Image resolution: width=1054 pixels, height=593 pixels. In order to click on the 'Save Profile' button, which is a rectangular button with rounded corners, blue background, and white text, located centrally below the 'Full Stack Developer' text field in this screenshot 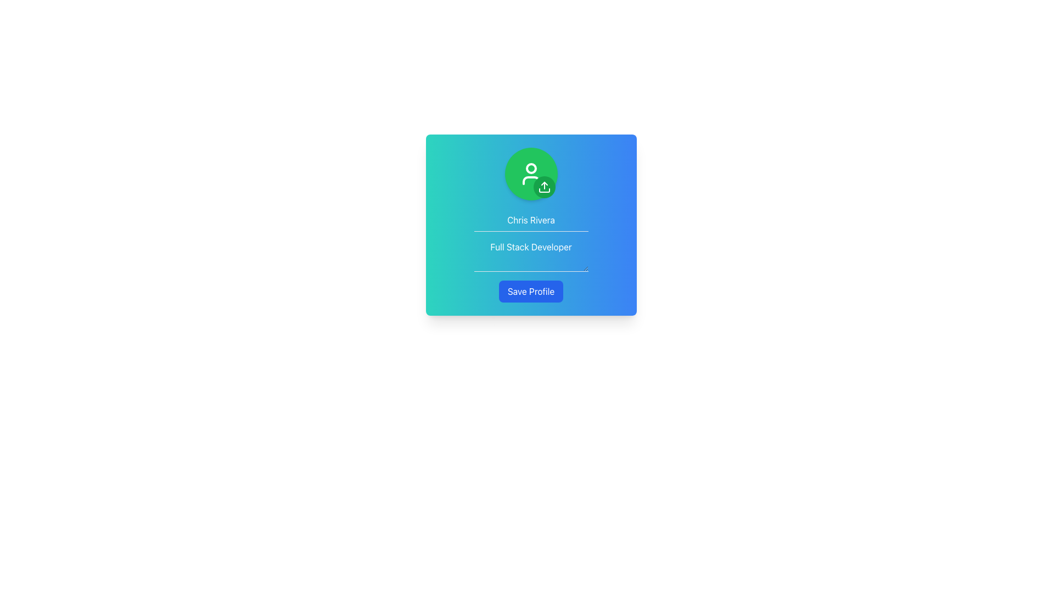, I will do `click(531, 291)`.